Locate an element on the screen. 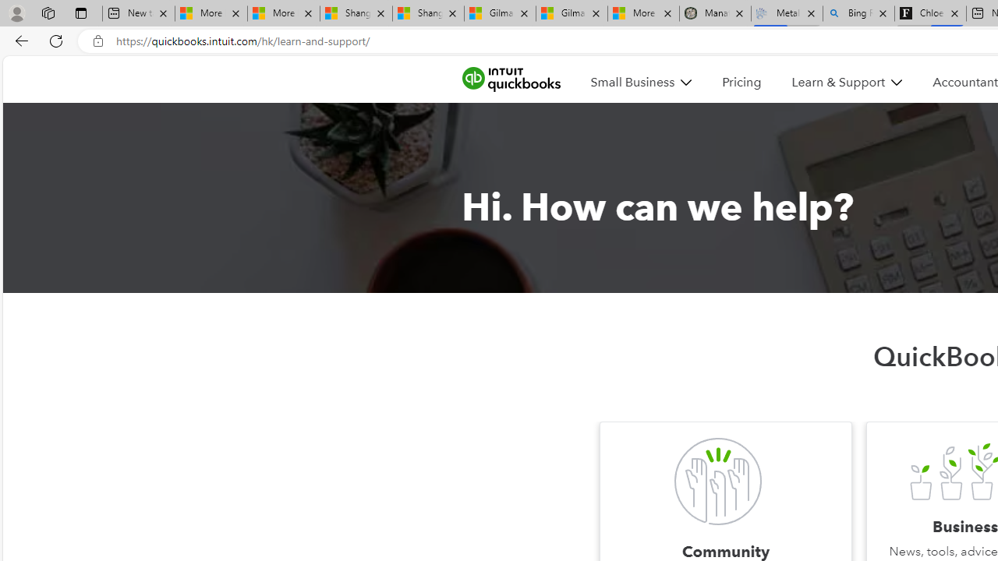 The width and height of the screenshot is (998, 561). 'Learn & Support' is located at coordinates (837, 82).